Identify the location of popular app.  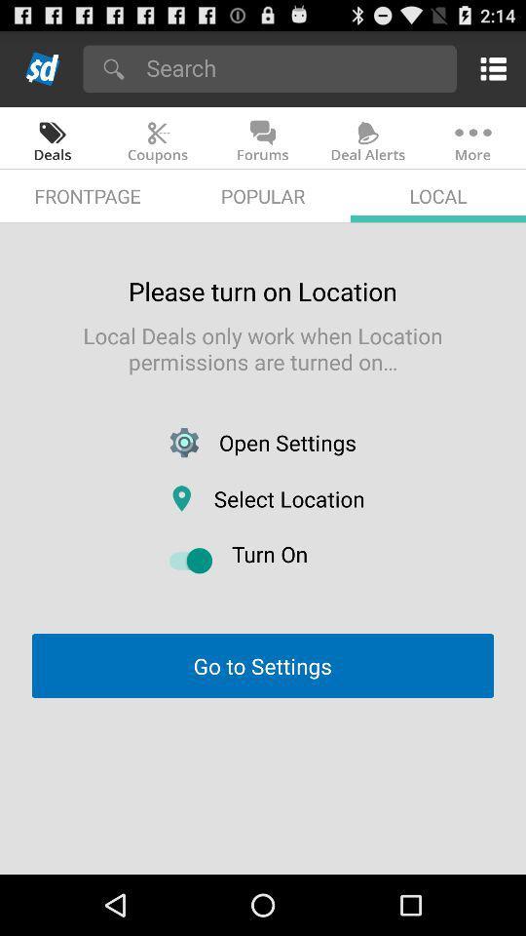
(263, 196).